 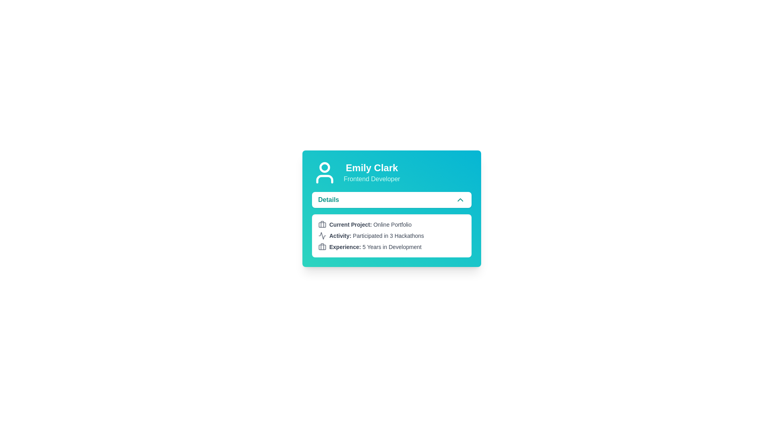 I want to click on the suitcase icon that is styled with a gray color and rounded edges, located adjacent to the text 'Current Project: Online Portfolio' in the dropdown section, so click(x=322, y=225).